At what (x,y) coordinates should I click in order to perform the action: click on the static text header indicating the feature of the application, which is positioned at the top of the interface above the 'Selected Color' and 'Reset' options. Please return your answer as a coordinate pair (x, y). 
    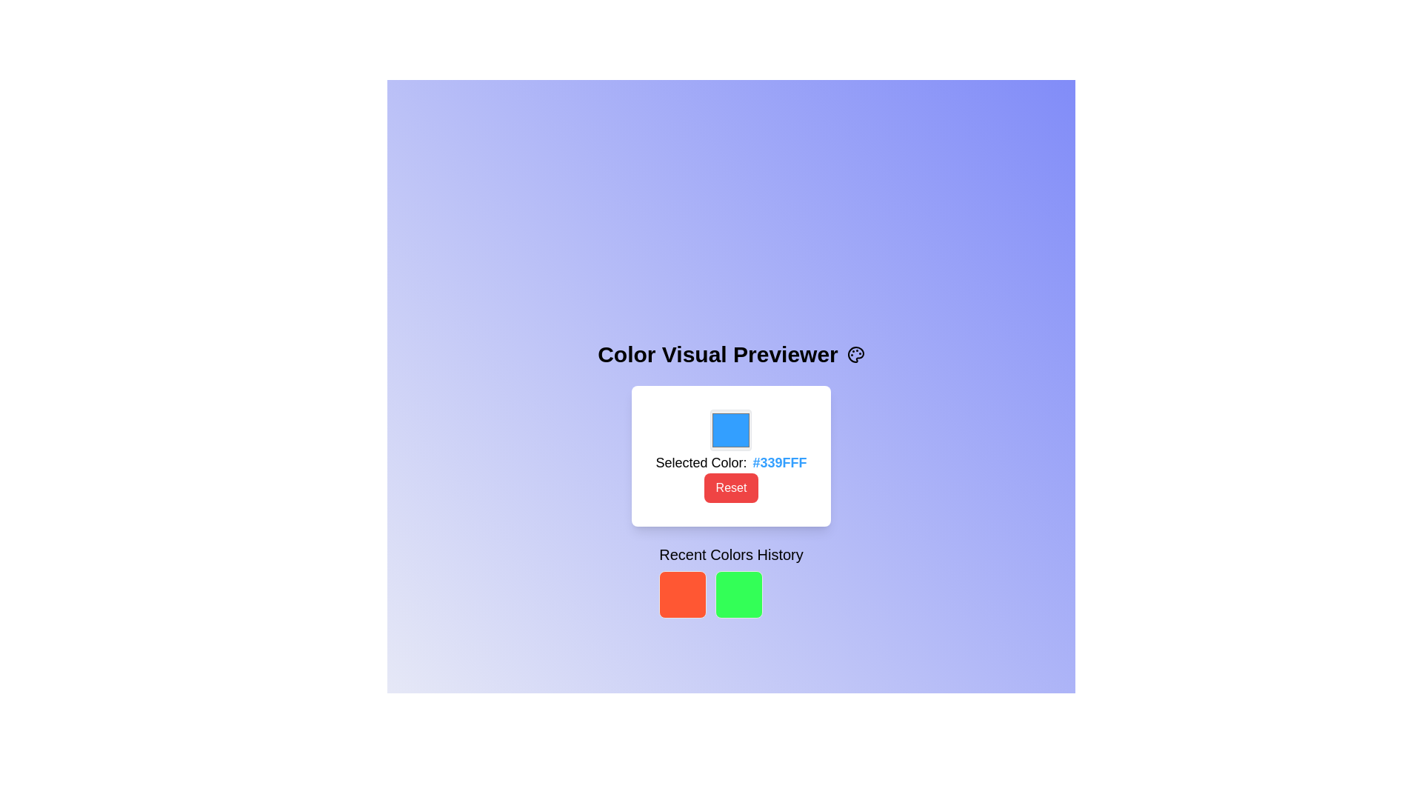
    Looking at the image, I should click on (731, 354).